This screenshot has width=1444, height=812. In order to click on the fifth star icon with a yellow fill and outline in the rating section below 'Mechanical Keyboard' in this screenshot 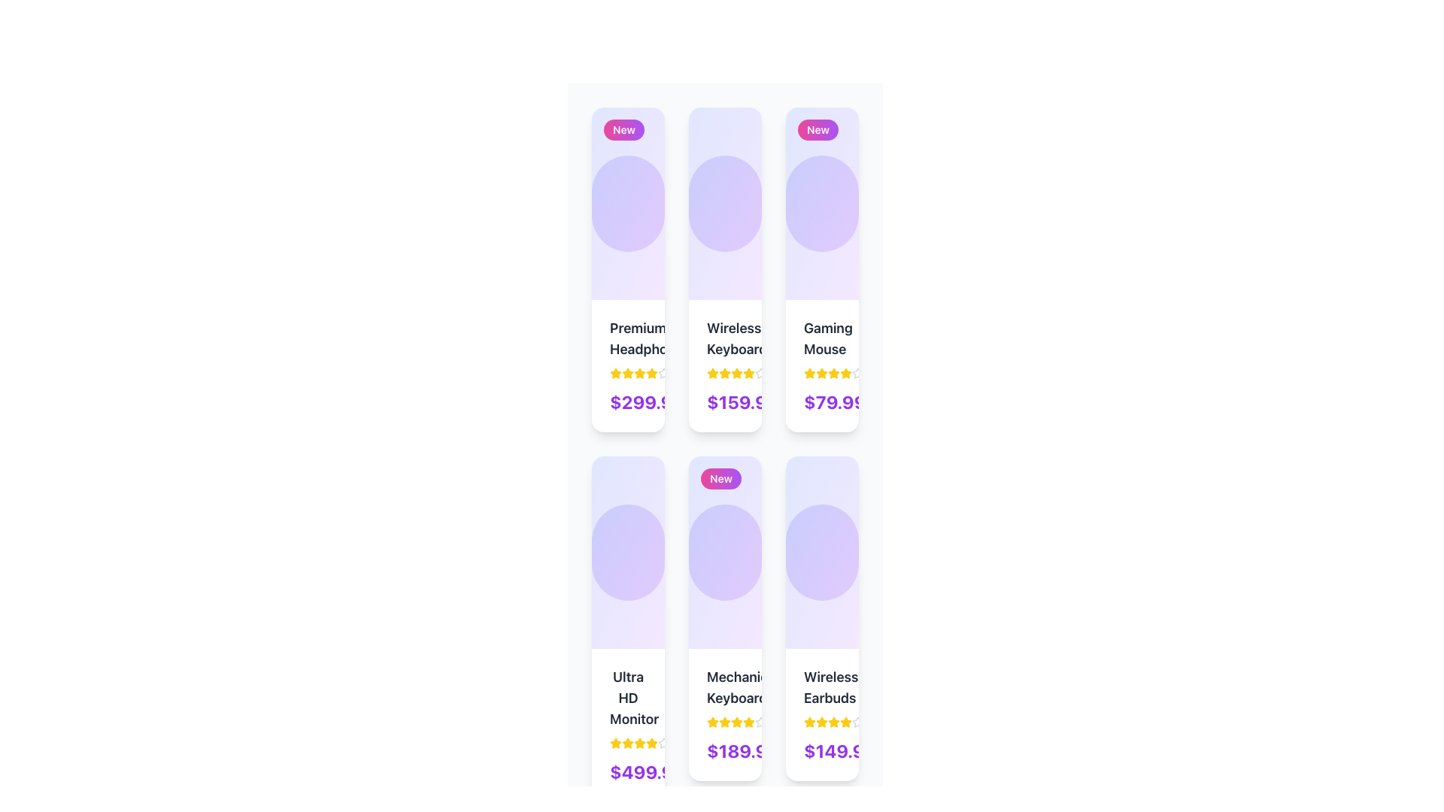, I will do `click(736, 721)`.